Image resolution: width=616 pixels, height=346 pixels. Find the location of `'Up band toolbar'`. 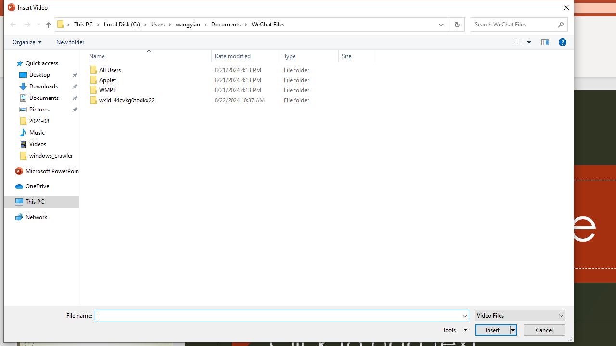

'Up band toolbar' is located at coordinates (48, 25).